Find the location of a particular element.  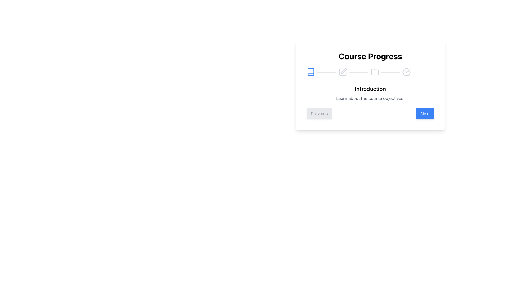

the progress bar with icons representing various stages or tasks, located in the 'Course Progress' card below the title text is located at coordinates (370, 72).